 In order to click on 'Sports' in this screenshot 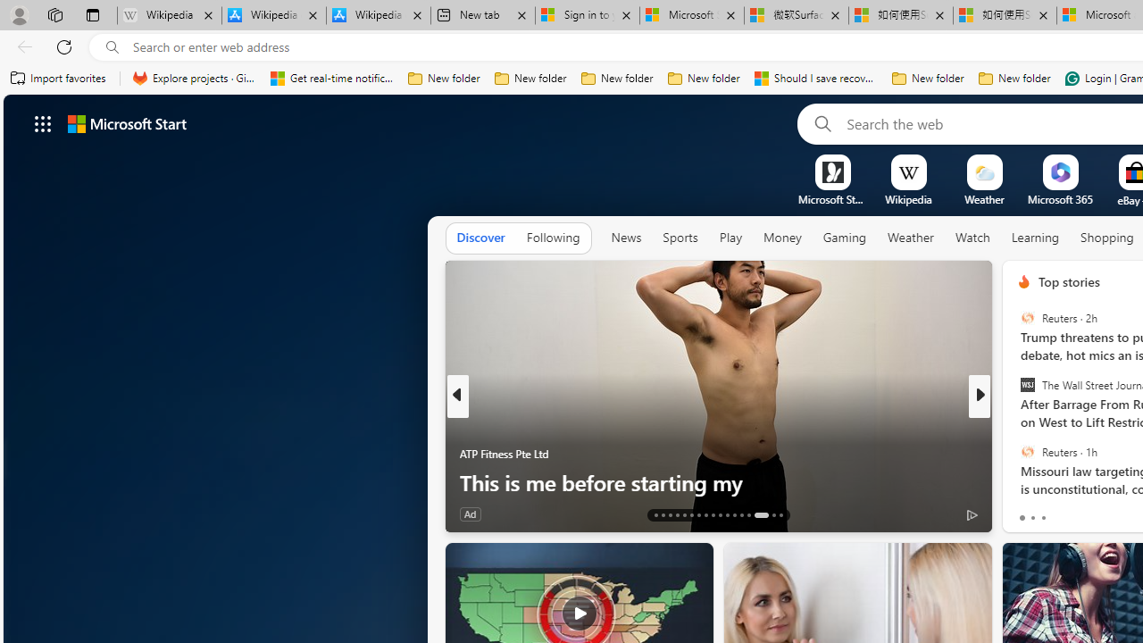, I will do `click(679, 237)`.